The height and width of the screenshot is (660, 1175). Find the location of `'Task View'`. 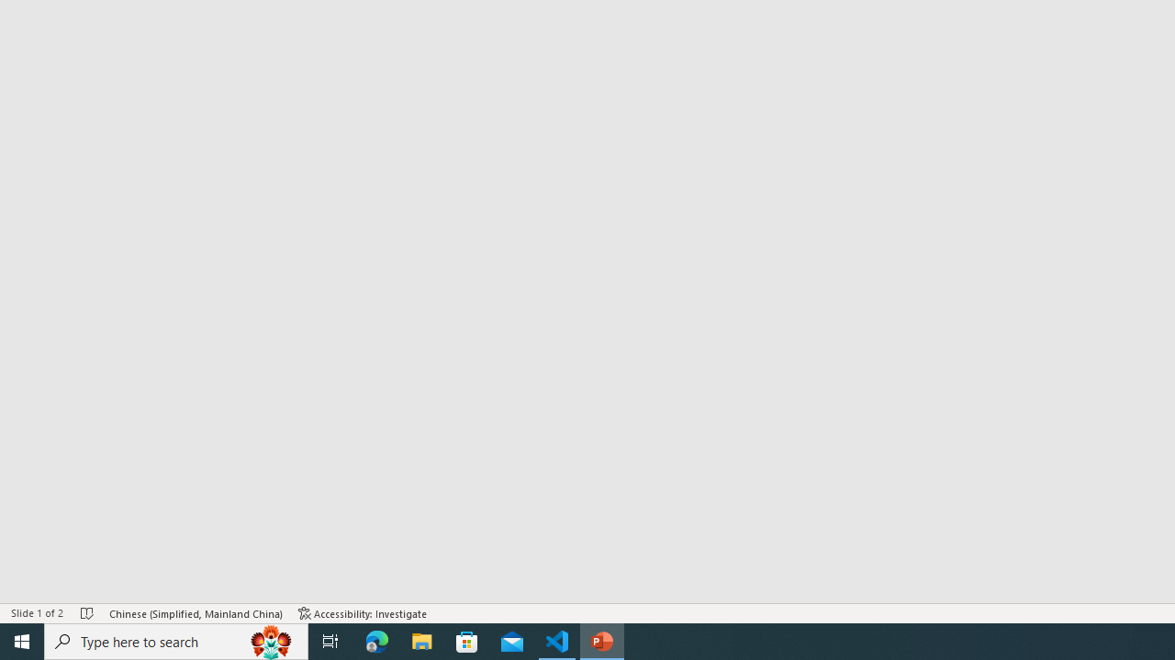

'Task View' is located at coordinates (330, 640).